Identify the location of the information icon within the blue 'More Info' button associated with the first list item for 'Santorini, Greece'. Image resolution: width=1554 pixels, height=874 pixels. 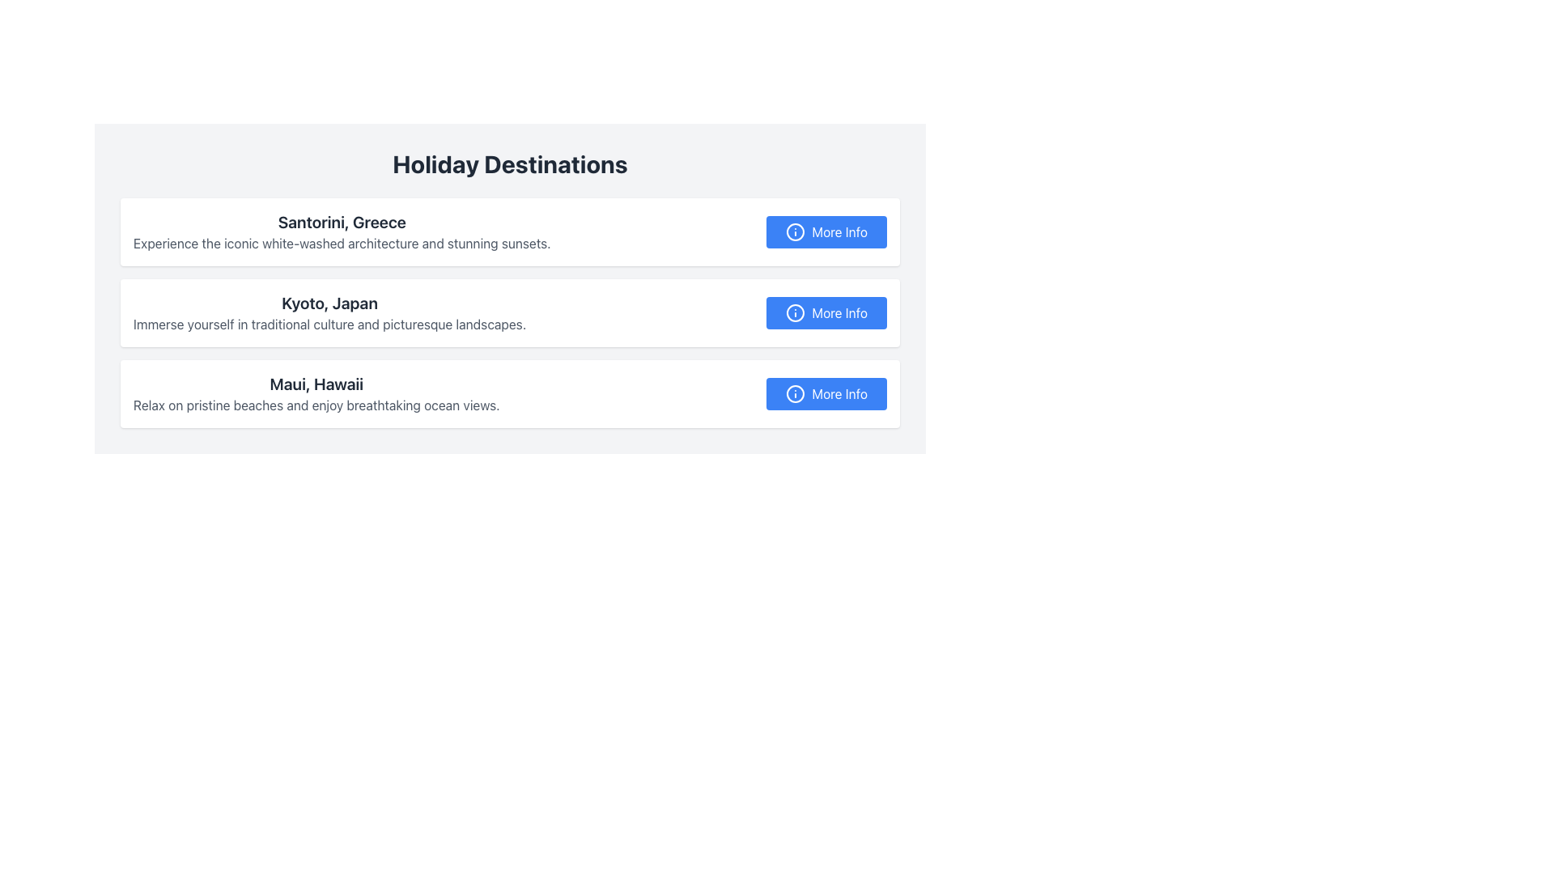
(796, 231).